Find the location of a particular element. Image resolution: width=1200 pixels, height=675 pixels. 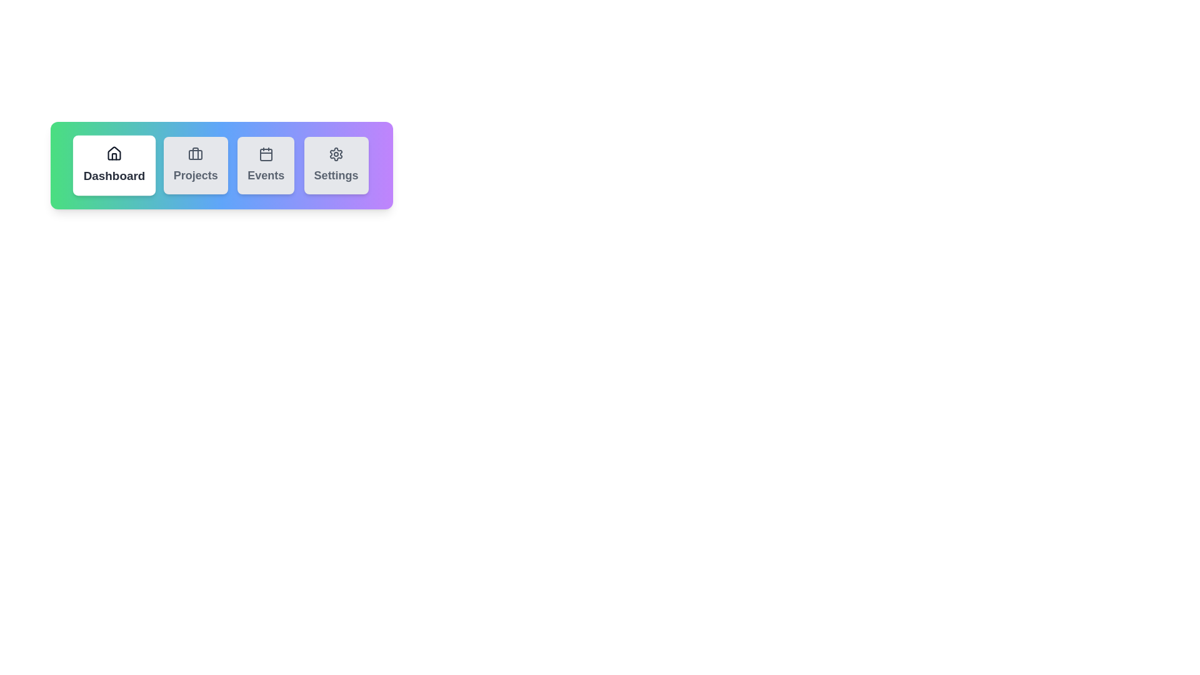

the Dashboard tab to activate it is located at coordinates (114, 165).